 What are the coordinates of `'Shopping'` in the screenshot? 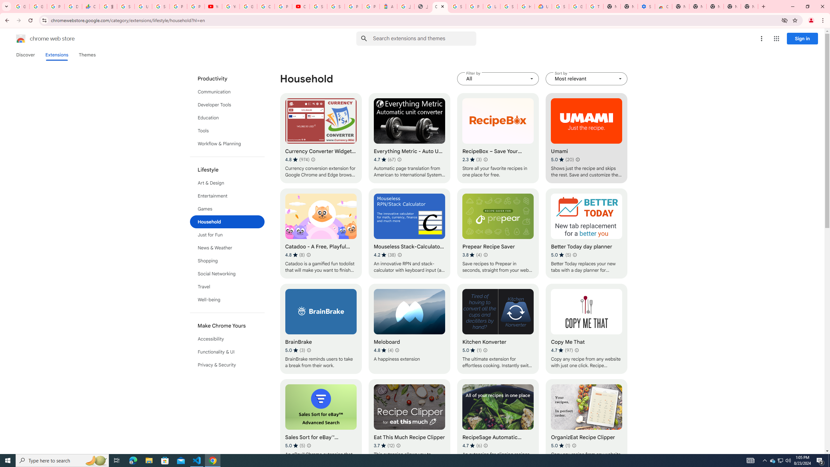 It's located at (227, 260).